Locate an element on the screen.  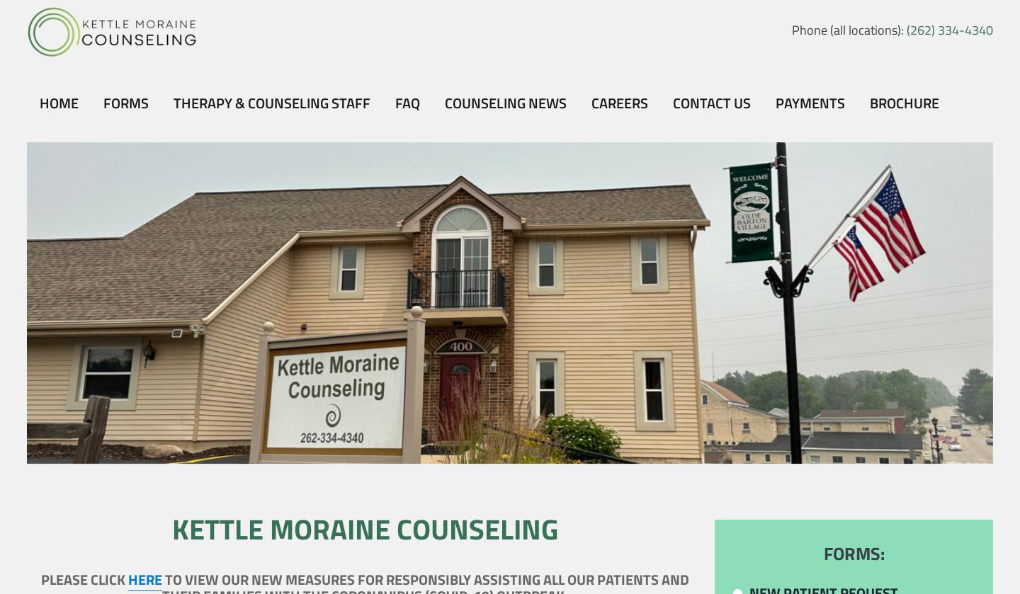
'Forms' is located at coordinates (124, 103).